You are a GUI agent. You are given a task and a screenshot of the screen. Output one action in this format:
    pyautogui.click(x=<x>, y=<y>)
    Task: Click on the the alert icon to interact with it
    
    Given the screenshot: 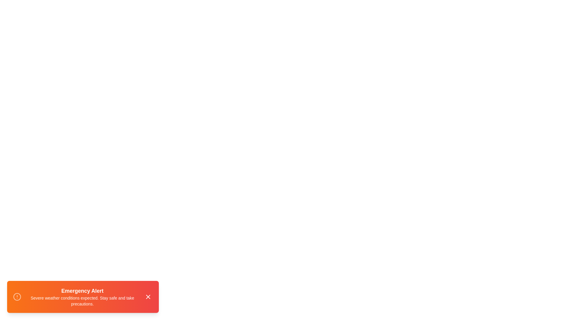 What is the action you would take?
    pyautogui.click(x=17, y=297)
    